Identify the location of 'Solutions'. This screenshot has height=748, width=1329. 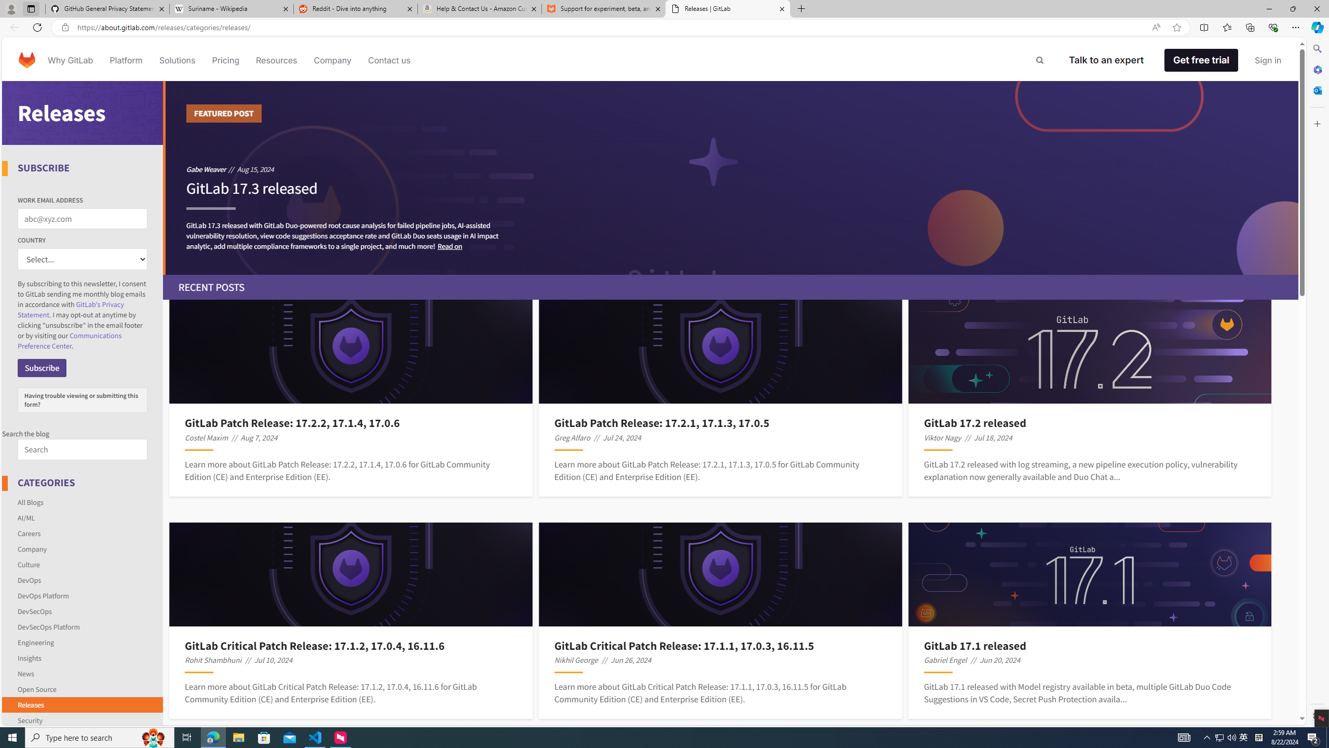
(176, 59).